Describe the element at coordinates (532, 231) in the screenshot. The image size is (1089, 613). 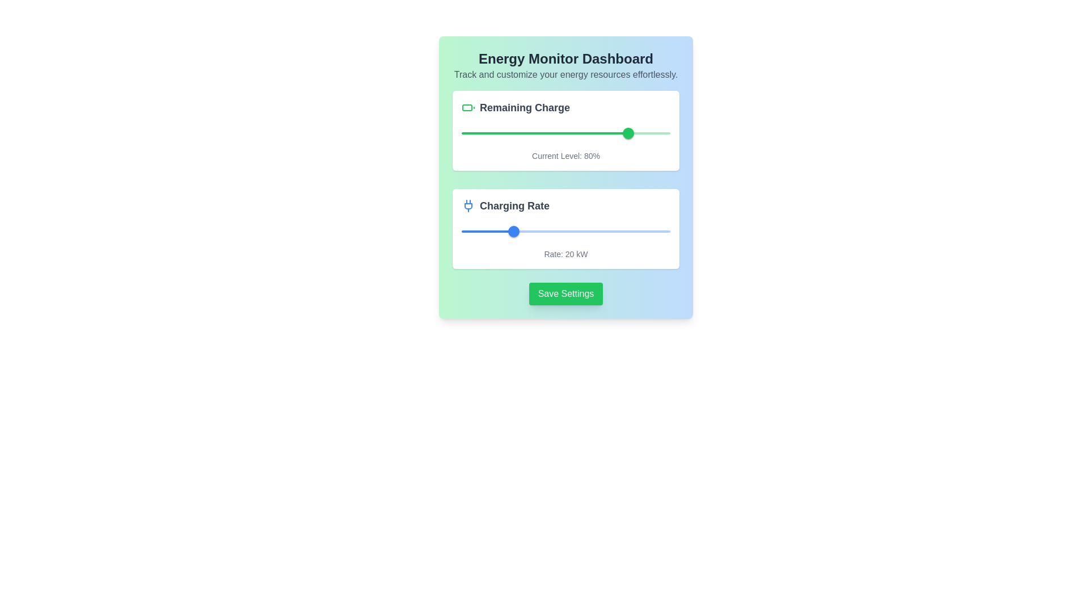
I see `the slider` at that location.